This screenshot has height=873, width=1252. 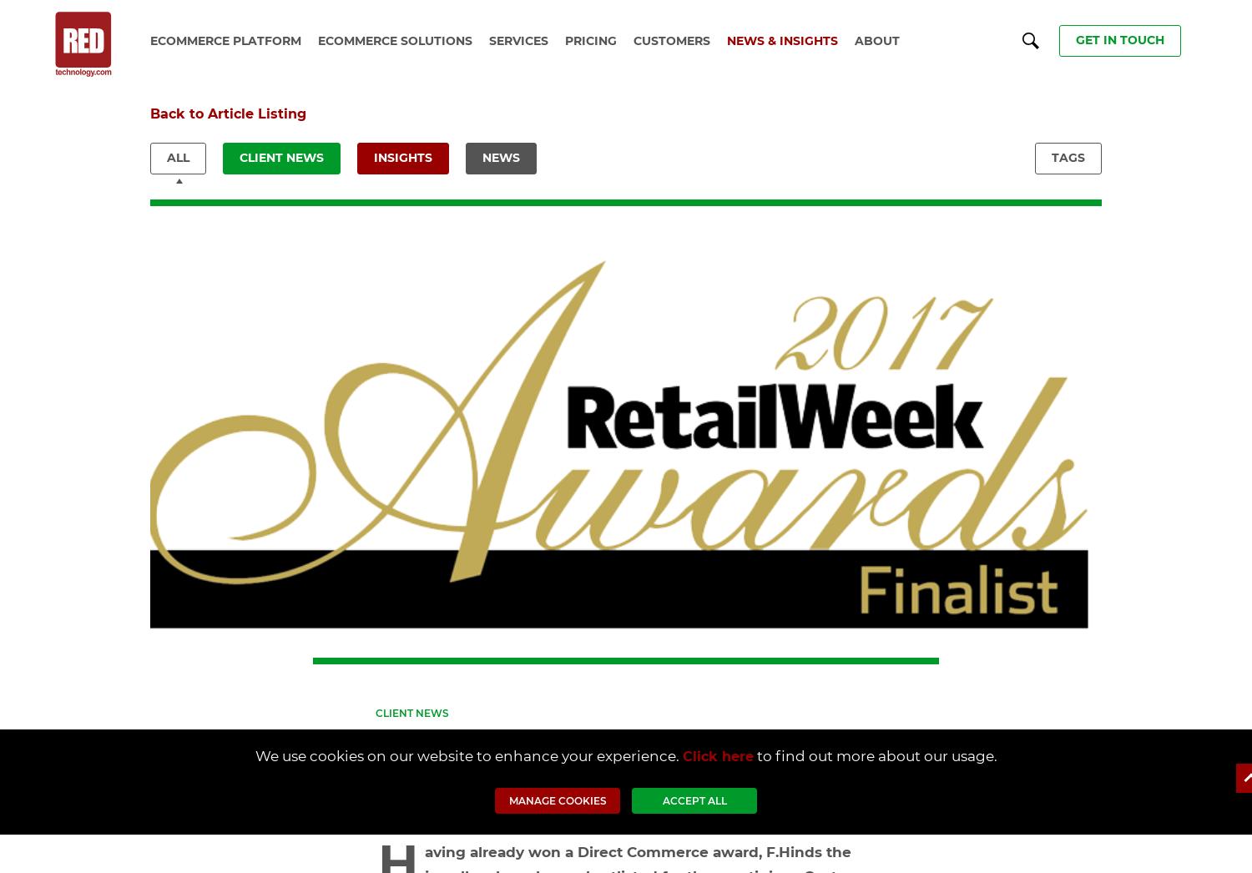 I want to click on 'TAGS', so click(x=1068, y=156).